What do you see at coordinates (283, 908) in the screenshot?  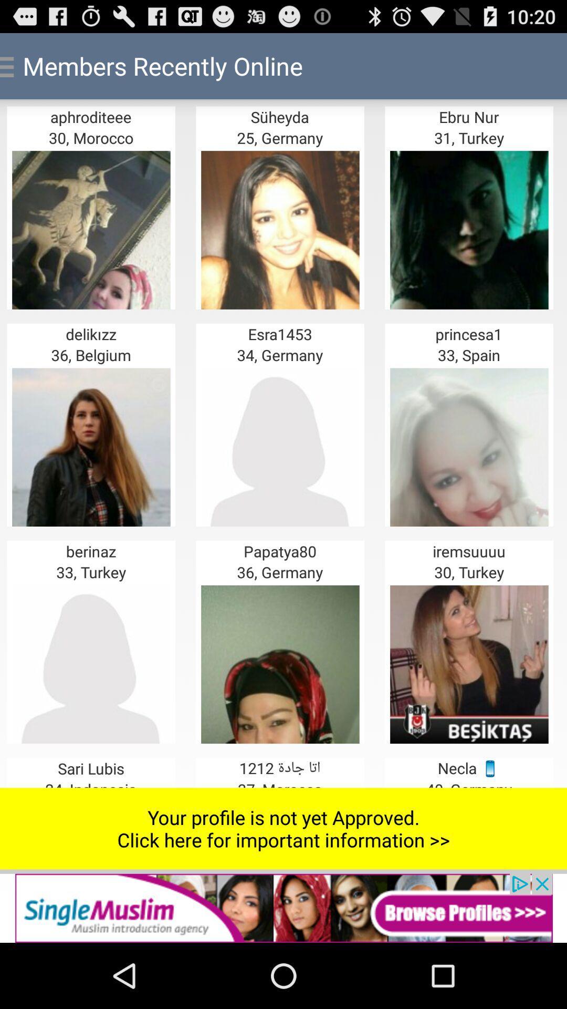 I see `advertisement` at bounding box center [283, 908].